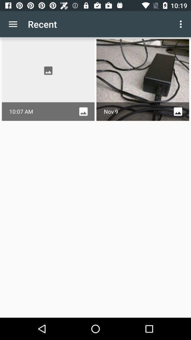 This screenshot has height=340, width=191. Describe the element at coordinates (13, 24) in the screenshot. I see `item next to the recent item` at that location.